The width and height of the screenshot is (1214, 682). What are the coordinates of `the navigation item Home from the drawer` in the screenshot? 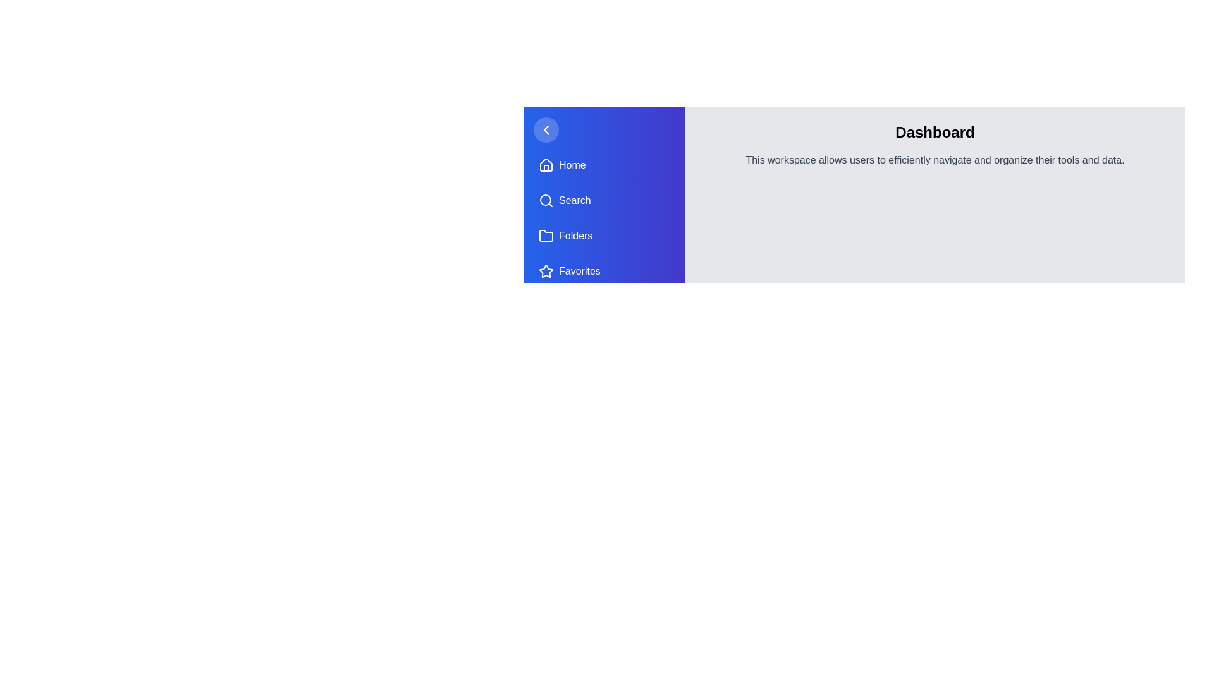 It's located at (603, 165).